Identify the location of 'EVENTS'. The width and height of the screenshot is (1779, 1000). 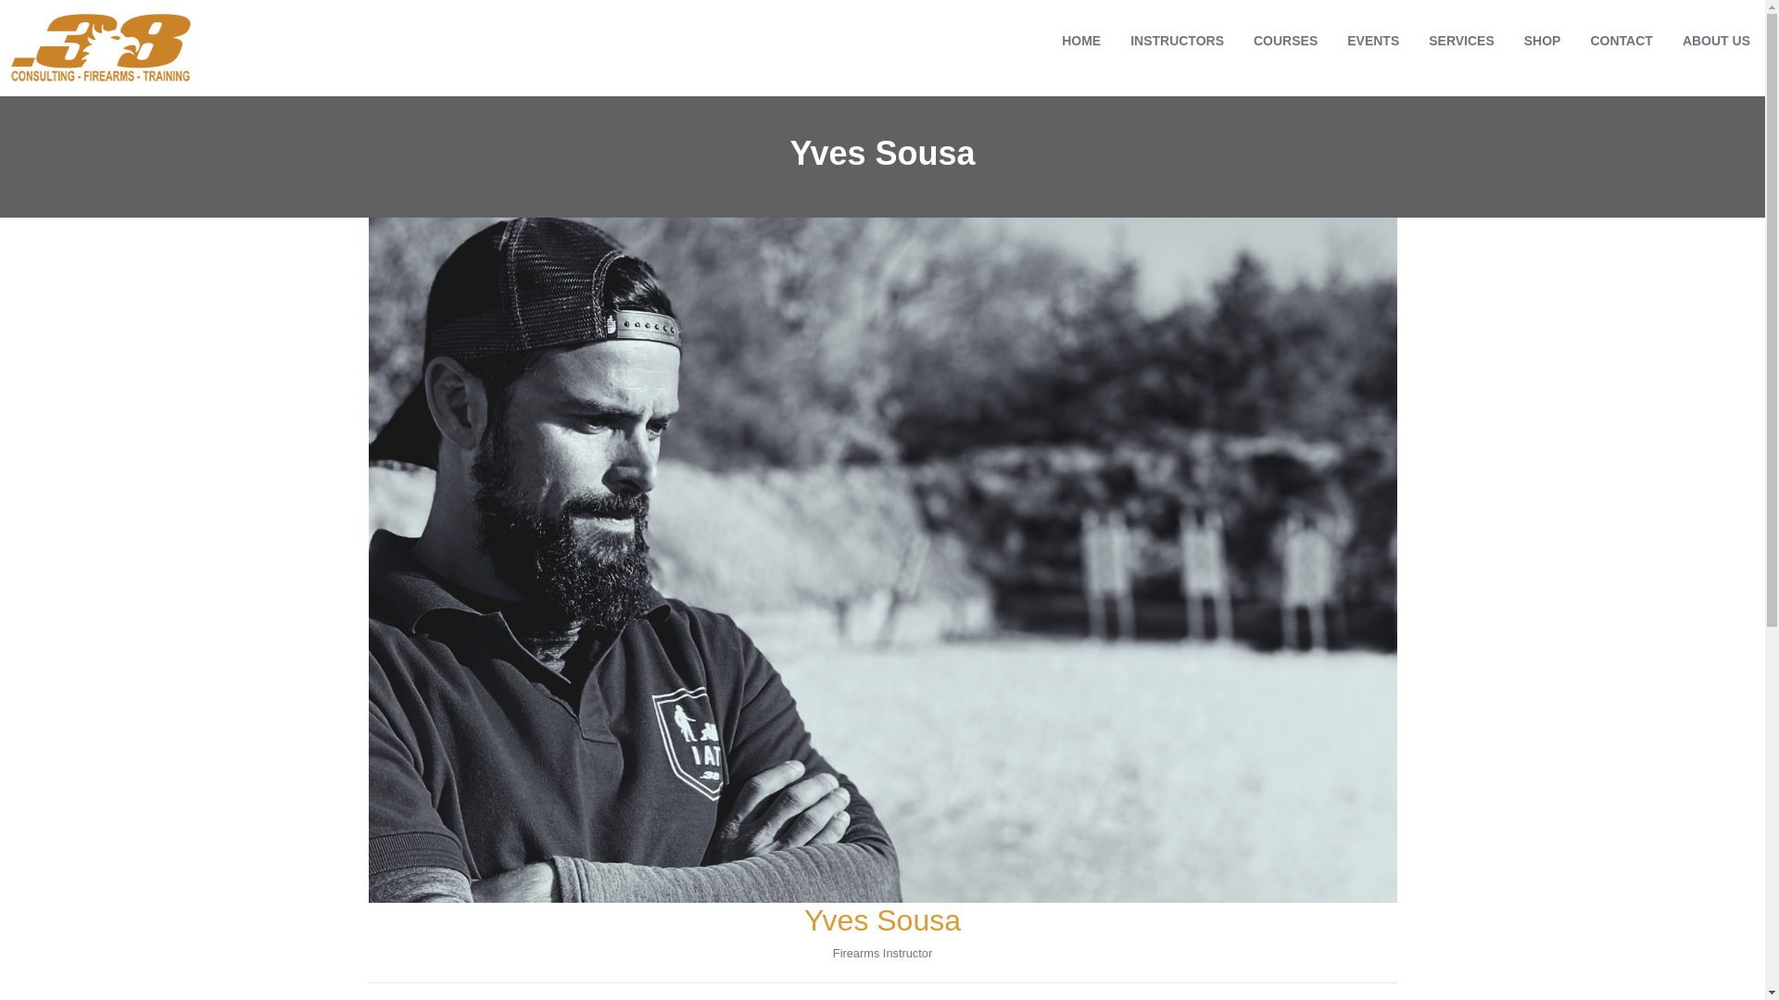
(1373, 41).